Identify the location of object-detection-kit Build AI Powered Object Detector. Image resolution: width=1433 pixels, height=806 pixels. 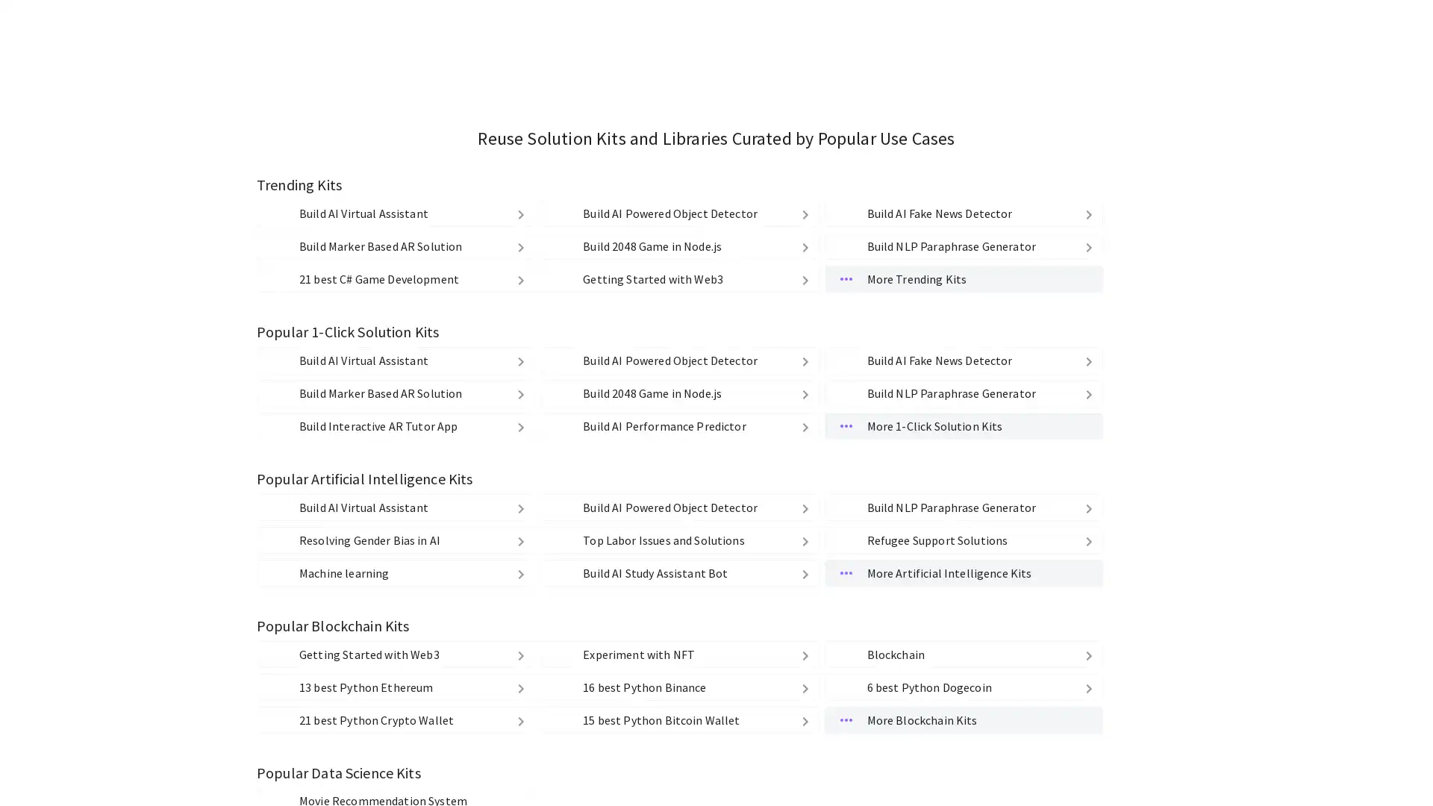
(678, 734).